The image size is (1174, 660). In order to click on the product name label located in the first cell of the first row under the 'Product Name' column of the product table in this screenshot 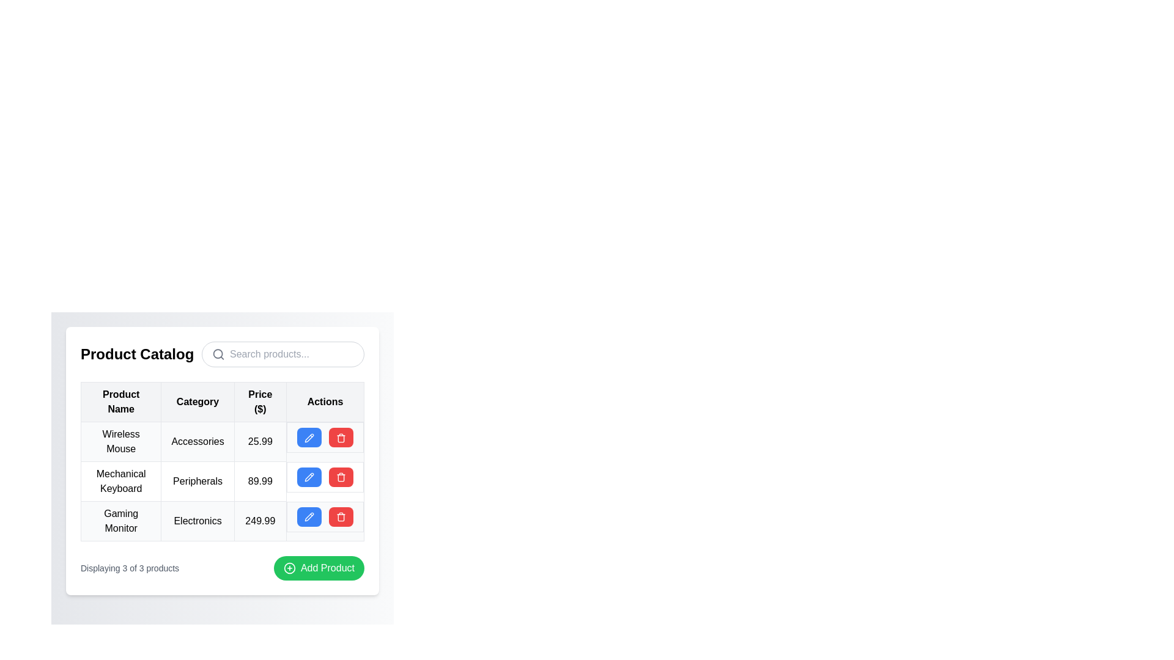, I will do `click(121, 441)`.